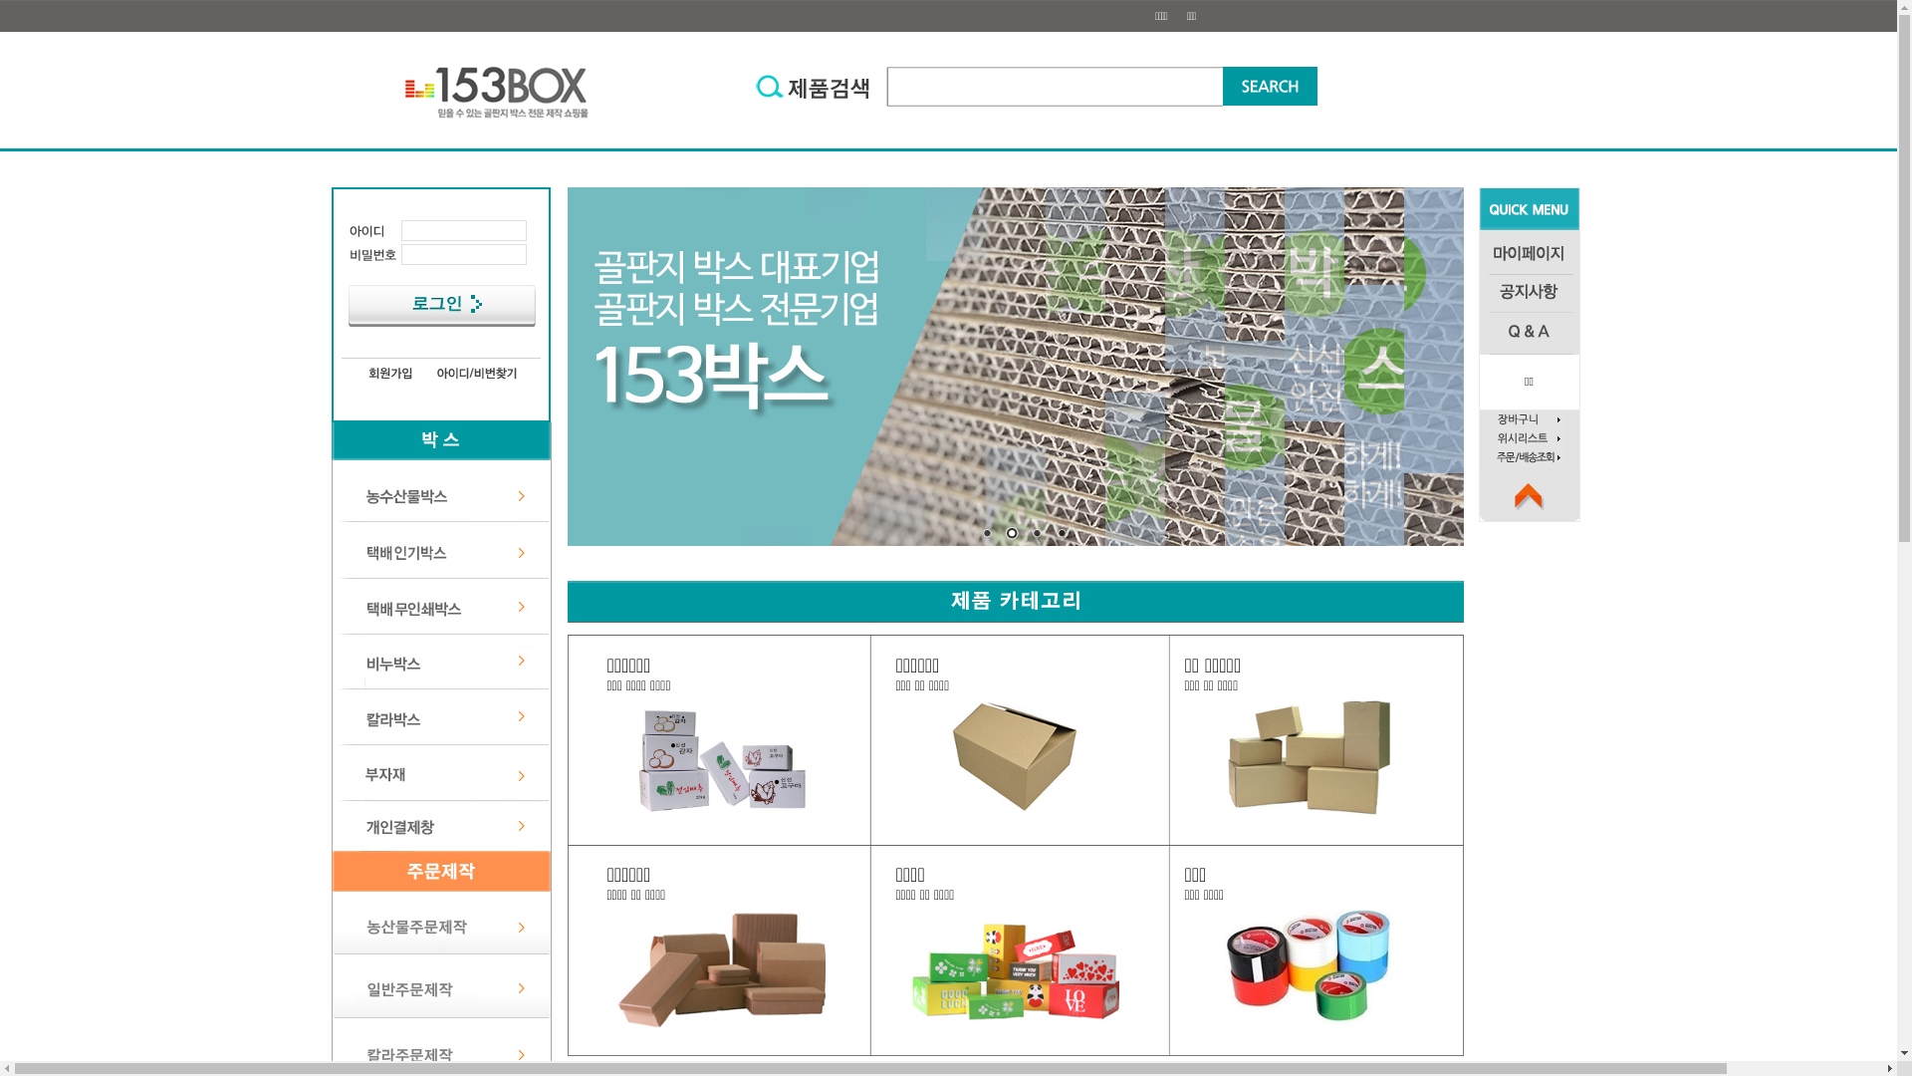  What do you see at coordinates (999, 533) in the screenshot?
I see `'2'` at bounding box center [999, 533].